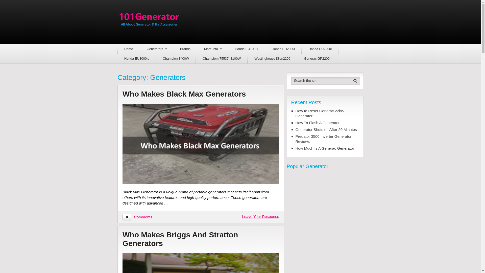  What do you see at coordinates (272, 58) in the screenshot?
I see `'Westinghouse iGen2200'` at bounding box center [272, 58].